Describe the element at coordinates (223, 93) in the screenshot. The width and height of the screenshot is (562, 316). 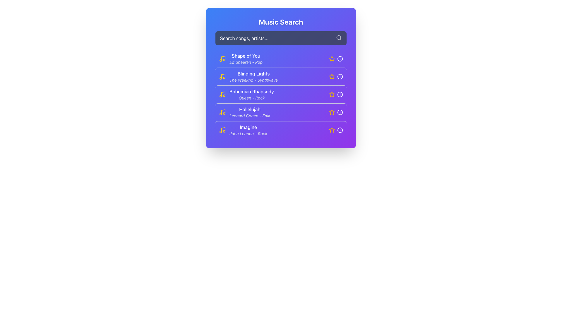
I see `vertical line of the musical note icon located in the third song entry next to 'Bohemian Rhapsody'` at that location.